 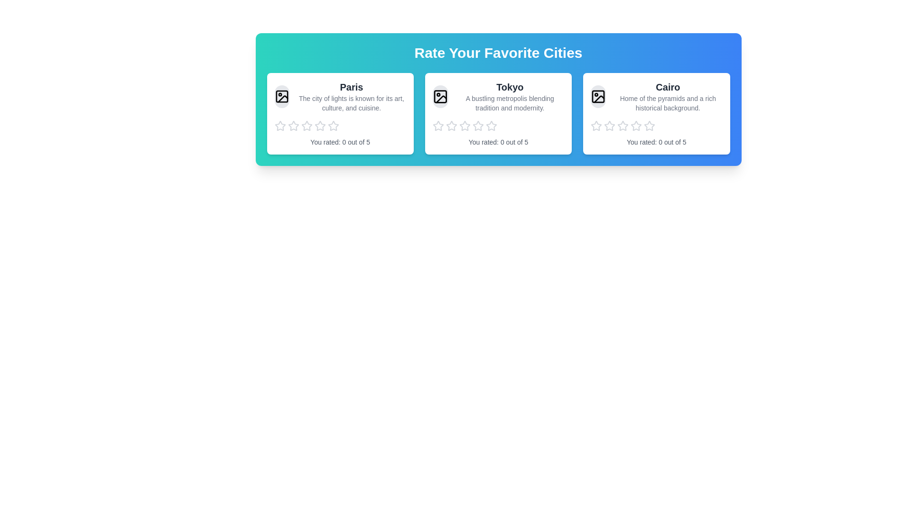 I want to click on the star in the Rating control located in the 'Cairo' section, so click(x=656, y=126).